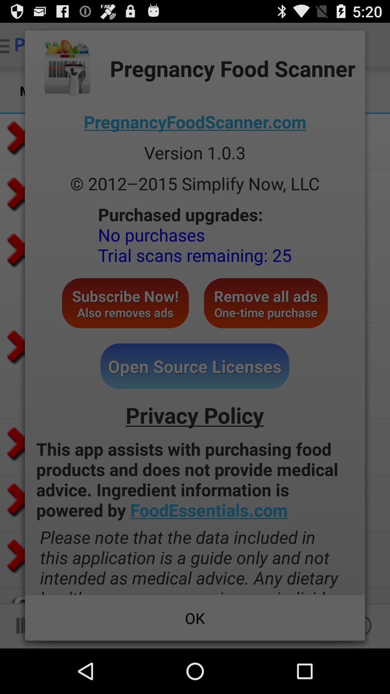 This screenshot has width=390, height=694. What do you see at coordinates (194, 366) in the screenshot?
I see `the icon above the privacy policy icon` at bounding box center [194, 366].